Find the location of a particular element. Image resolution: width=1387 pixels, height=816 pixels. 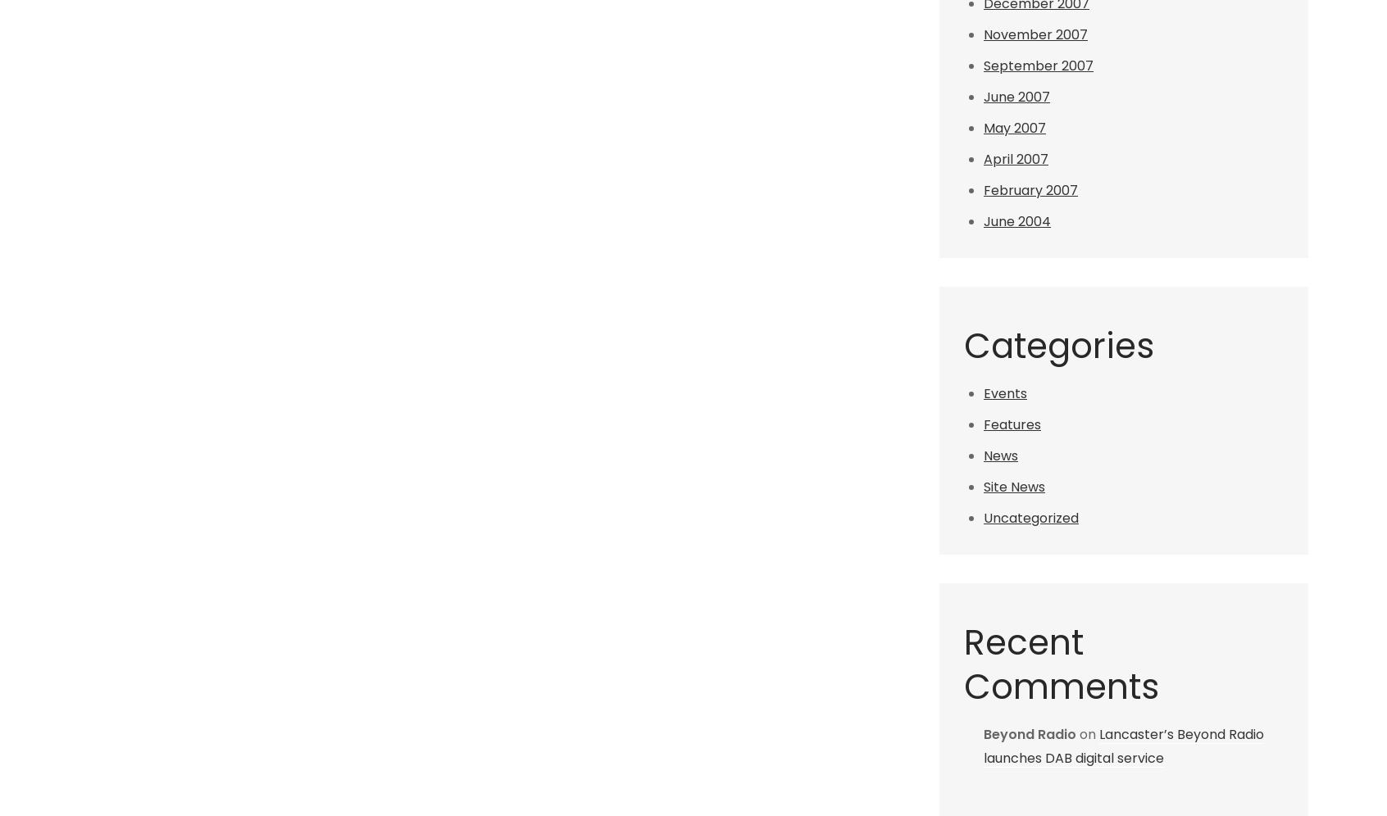

'November 2007' is located at coordinates (1035, 34).